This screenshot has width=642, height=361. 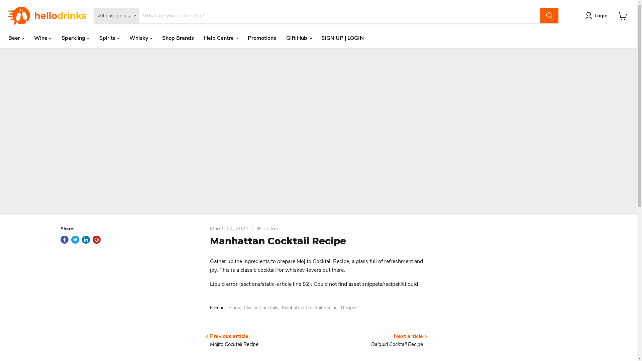 I want to click on 'Classic Cocktails', so click(x=260, y=308).